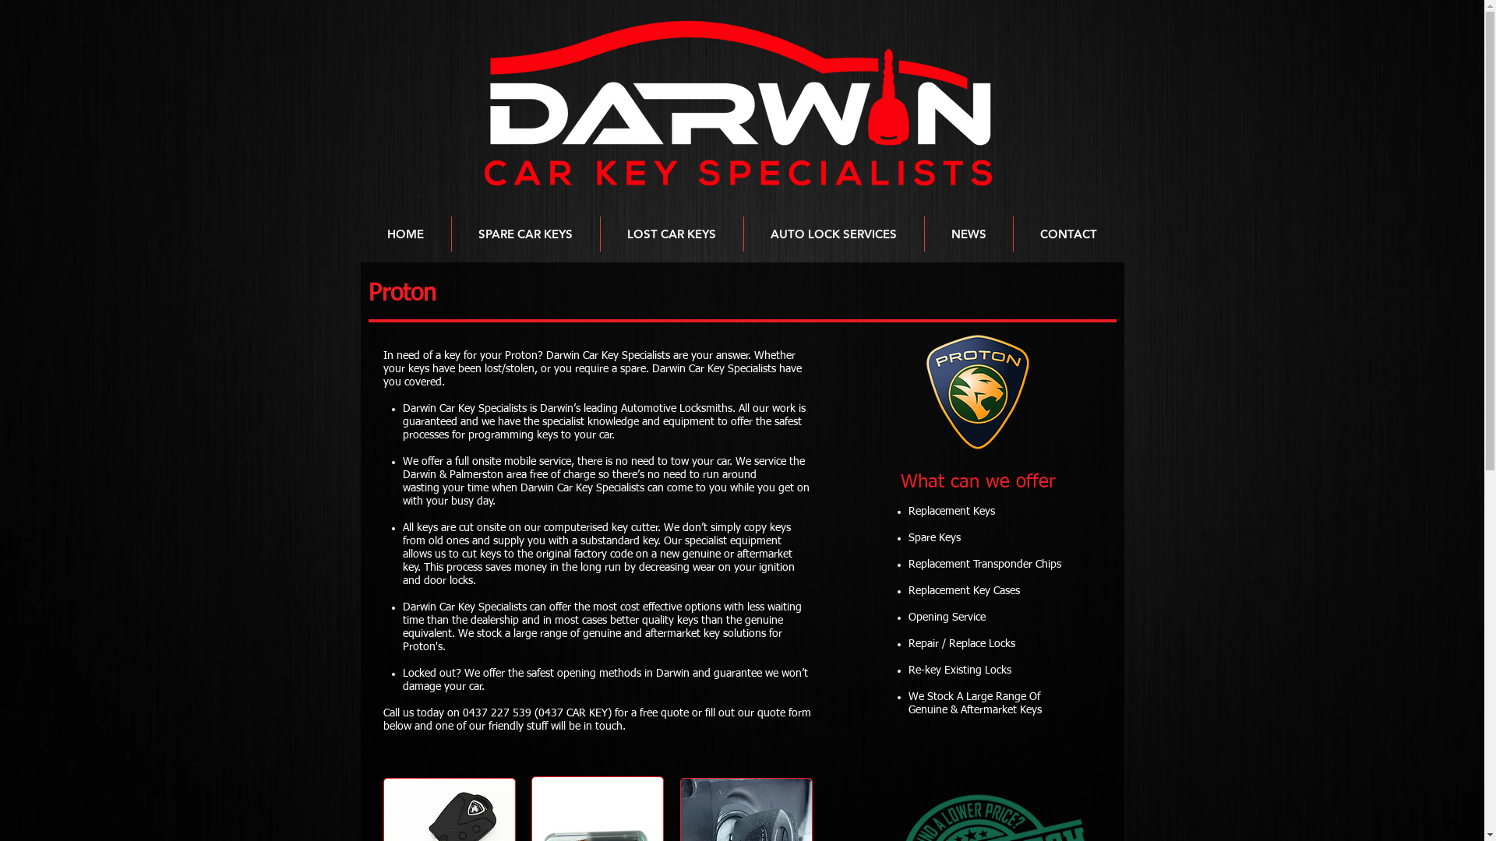 The image size is (1496, 841). Describe the element at coordinates (832, 234) in the screenshot. I see `'AUTO LOCK SERVICES'` at that location.